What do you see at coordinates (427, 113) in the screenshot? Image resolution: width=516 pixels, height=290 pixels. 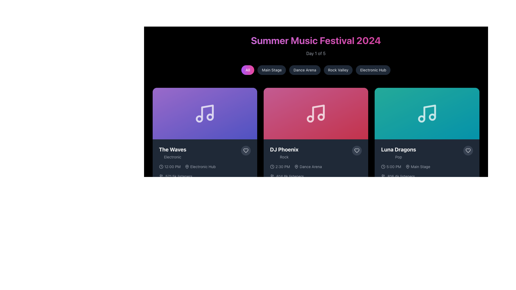 I see `the musical symbol icon resembling two eighth notes, which has a light blue outline and is located within the third card from the left that has a teal gradient background` at bounding box center [427, 113].